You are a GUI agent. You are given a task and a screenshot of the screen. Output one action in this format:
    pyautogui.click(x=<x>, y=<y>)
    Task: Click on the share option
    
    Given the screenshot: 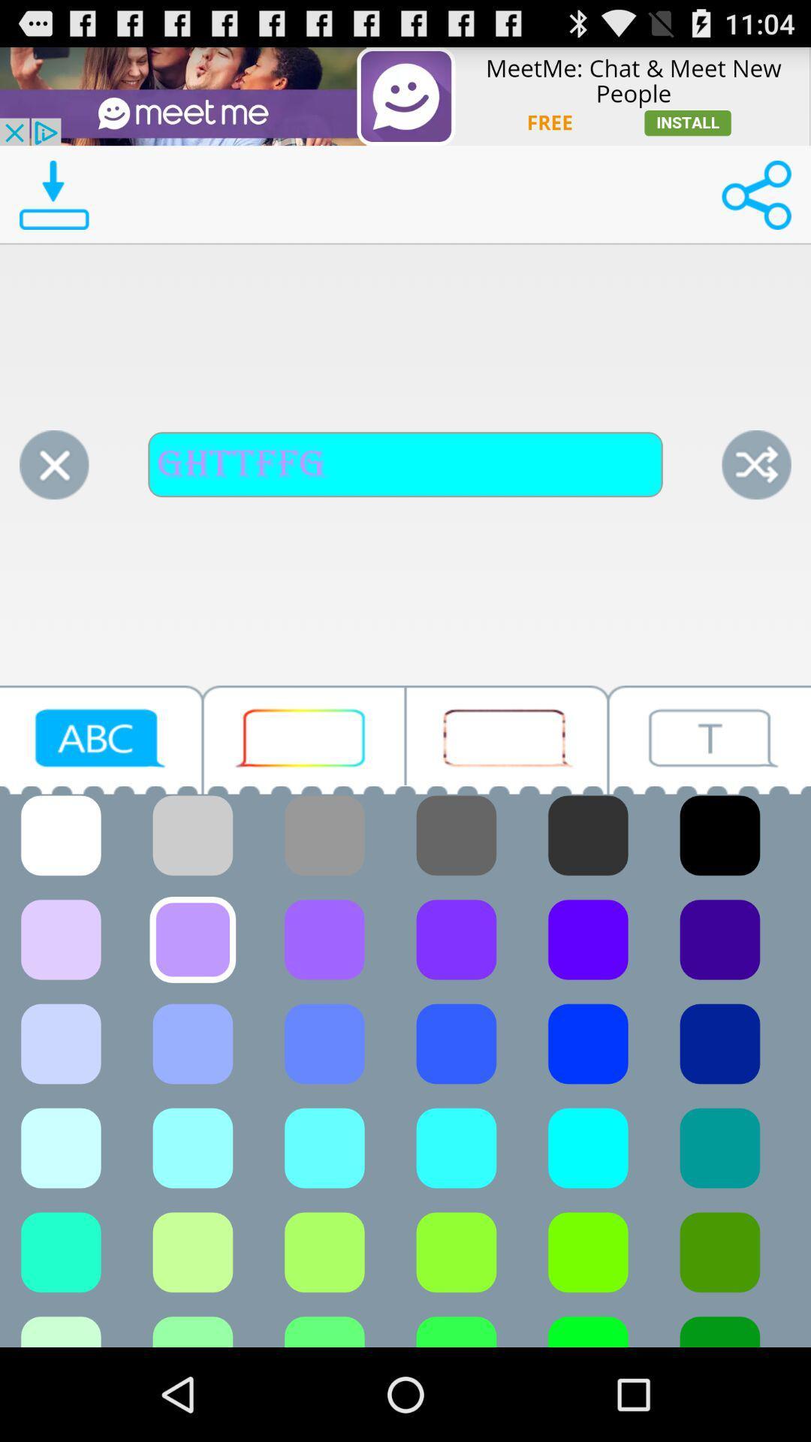 What is the action you would take?
    pyautogui.click(x=756, y=194)
    